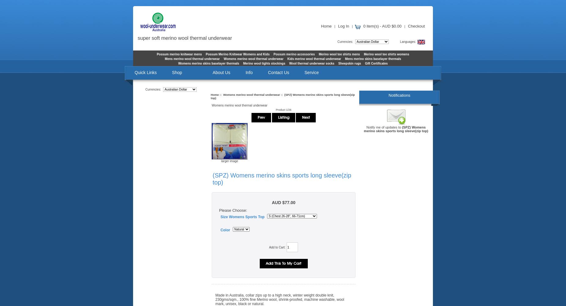  I want to click on 'Merino wool tee shirts womens', so click(363, 54).